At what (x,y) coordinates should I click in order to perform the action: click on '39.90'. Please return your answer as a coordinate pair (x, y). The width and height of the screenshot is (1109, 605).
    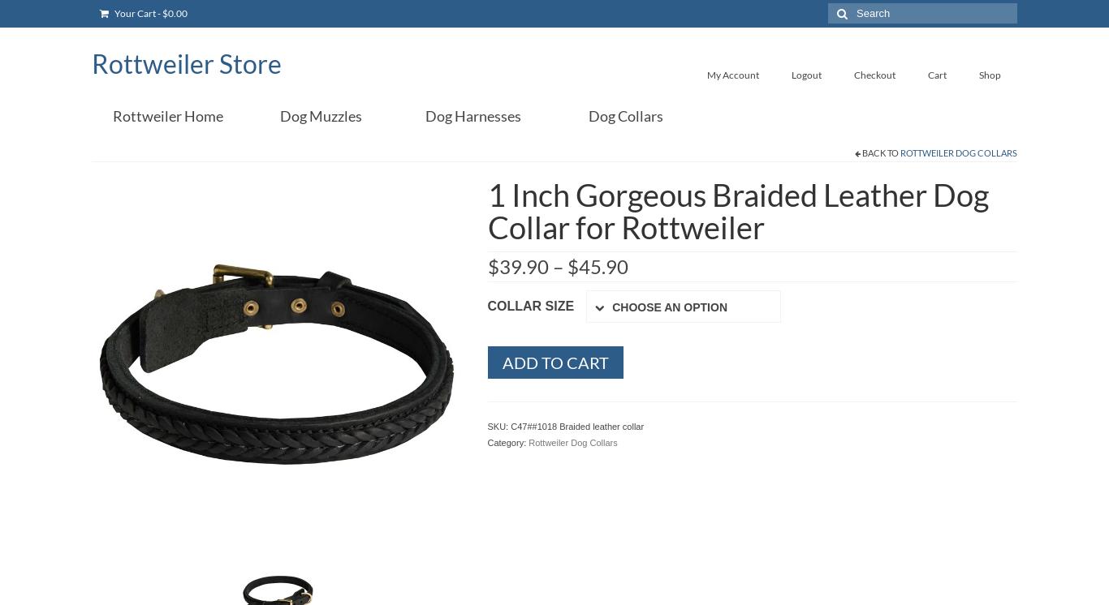
    Looking at the image, I should click on (522, 266).